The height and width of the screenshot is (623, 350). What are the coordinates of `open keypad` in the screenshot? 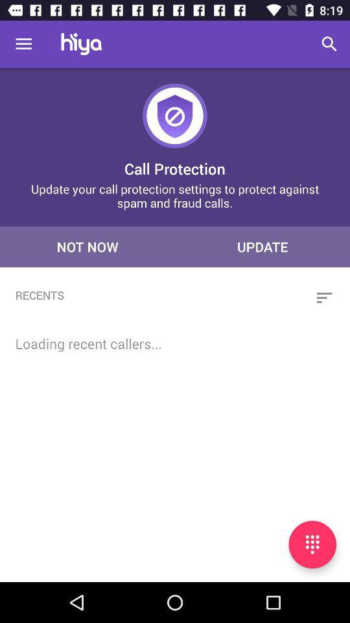 It's located at (312, 544).